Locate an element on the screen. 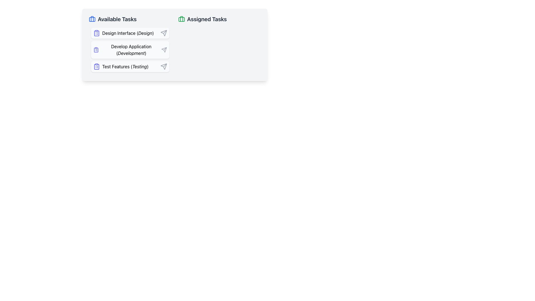 The height and width of the screenshot is (301, 535). the 'Design Interface (Design)' text with clipboard icon is located at coordinates (123, 33).